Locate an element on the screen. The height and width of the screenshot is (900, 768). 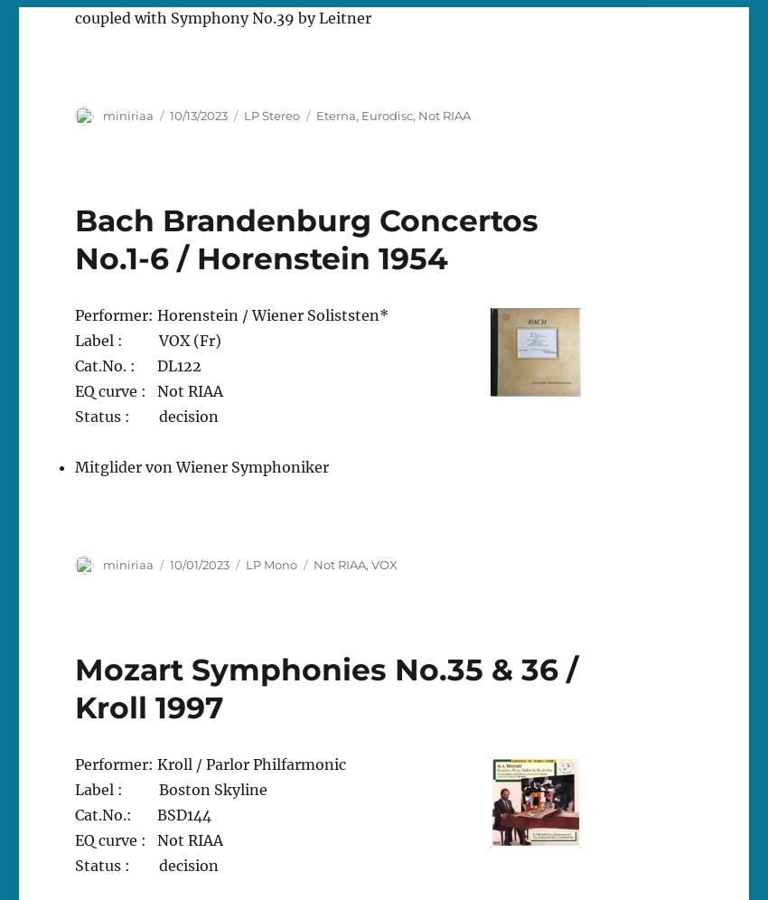
'Status :        decision' is located at coordinates (146, 414).